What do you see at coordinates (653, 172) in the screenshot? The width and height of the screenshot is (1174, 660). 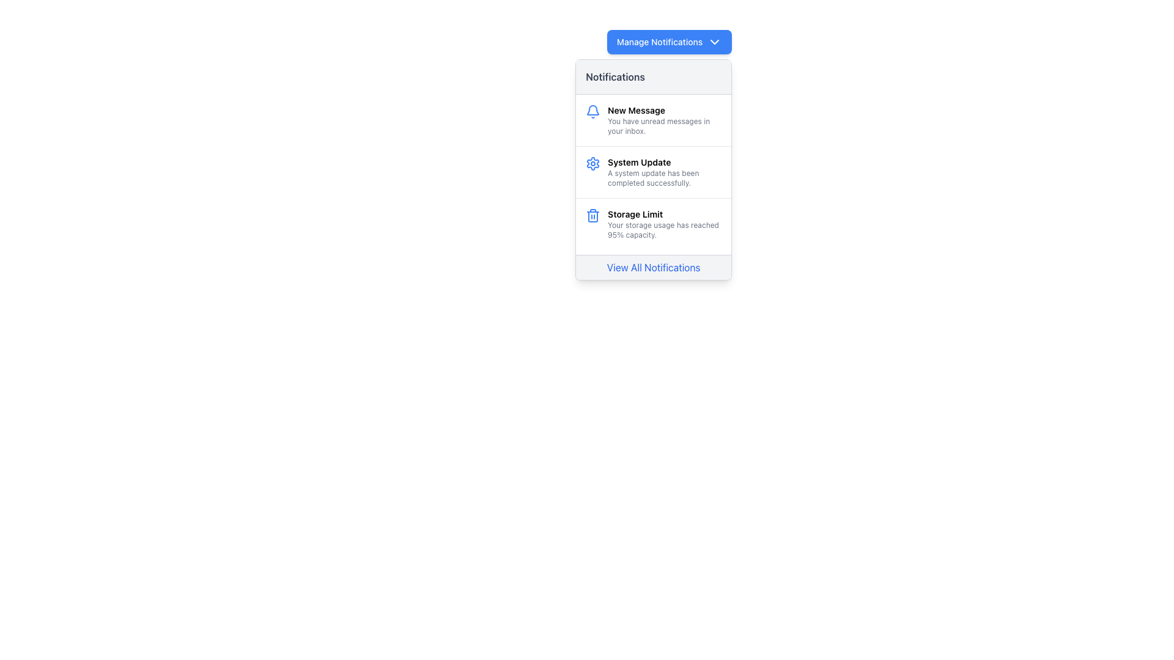 I see `individual items within the notifications list component located in the center of the notification dropdown, below the 'Notifications' title` at bounding box center [653, 172].